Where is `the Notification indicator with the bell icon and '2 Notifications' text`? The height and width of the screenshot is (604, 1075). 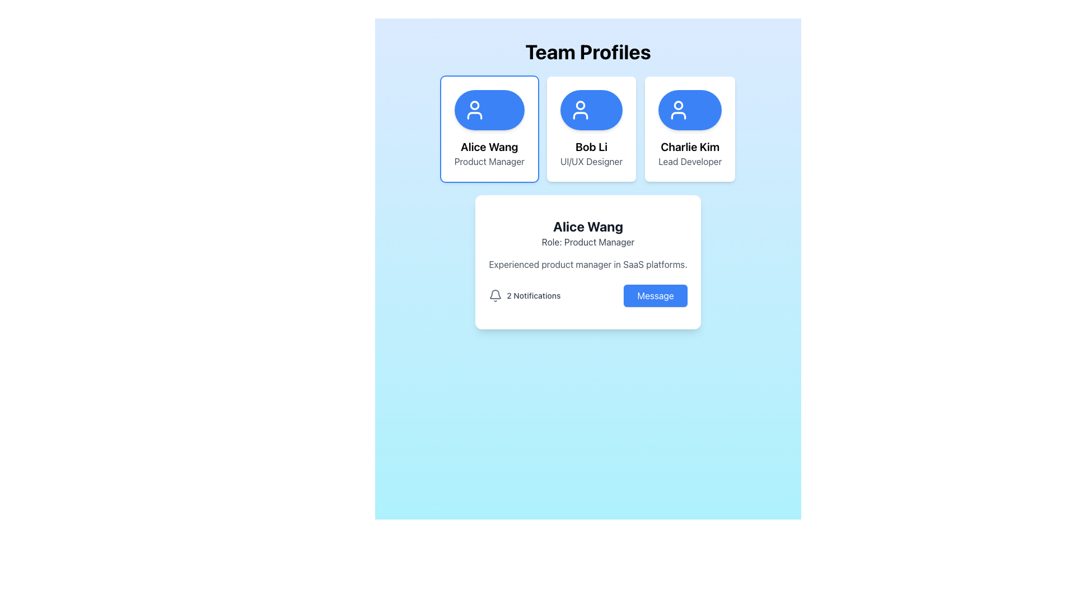 the Notification indicator with the bell icon and '2 Notifications' text is located at coordinates (524, 295).